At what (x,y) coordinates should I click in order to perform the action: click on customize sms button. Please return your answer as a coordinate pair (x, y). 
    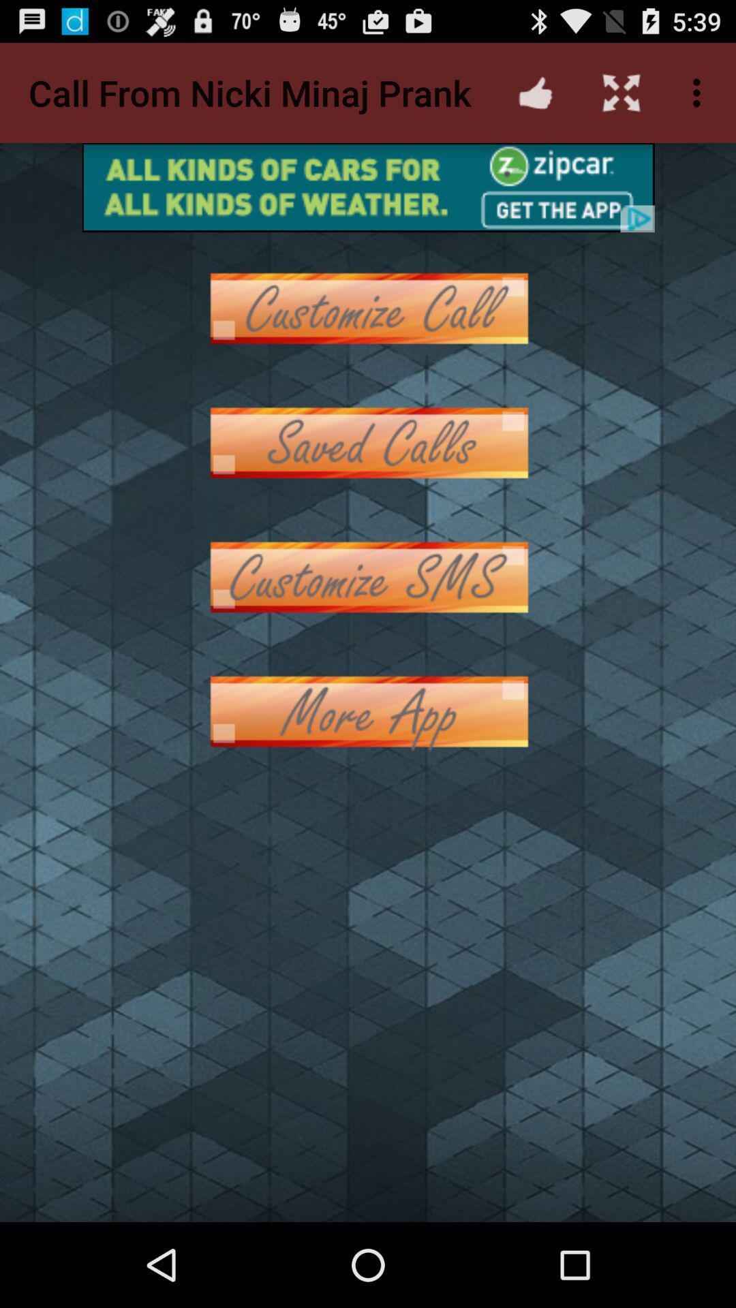
    Looking at the image, I should click on (368, 577).